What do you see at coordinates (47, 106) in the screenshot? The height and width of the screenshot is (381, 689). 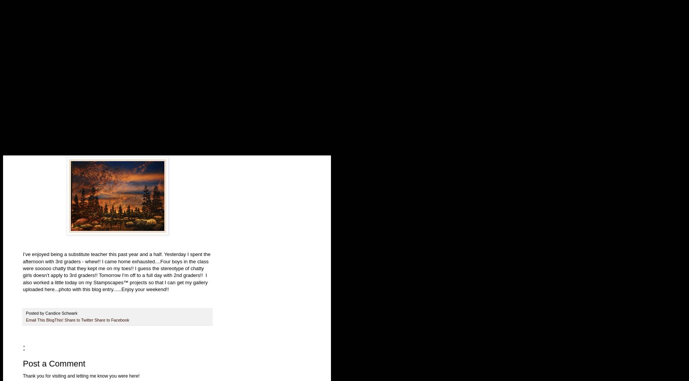 I see `'Paper Crafting Tips'` at bounding box center [47, 106].